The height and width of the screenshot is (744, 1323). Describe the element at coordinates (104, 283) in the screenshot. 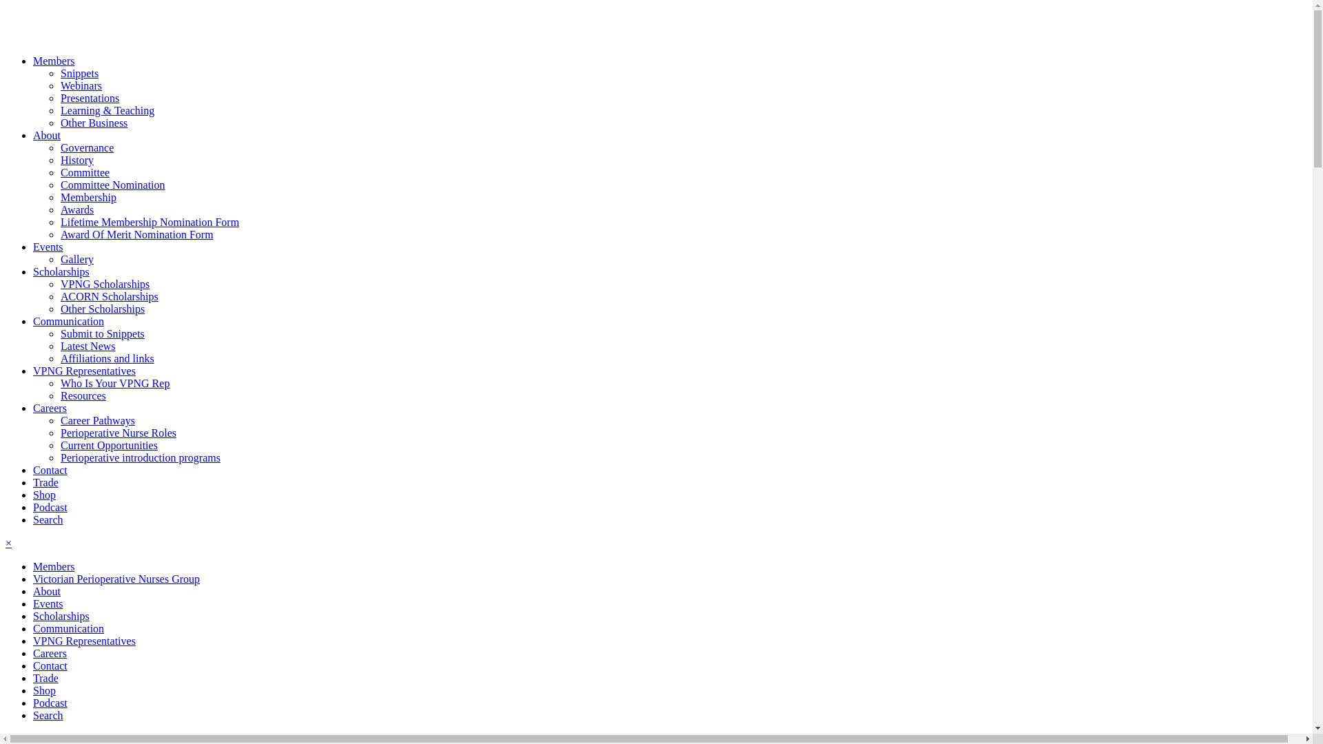

I see `'VPNG Scholarships'` at that location.